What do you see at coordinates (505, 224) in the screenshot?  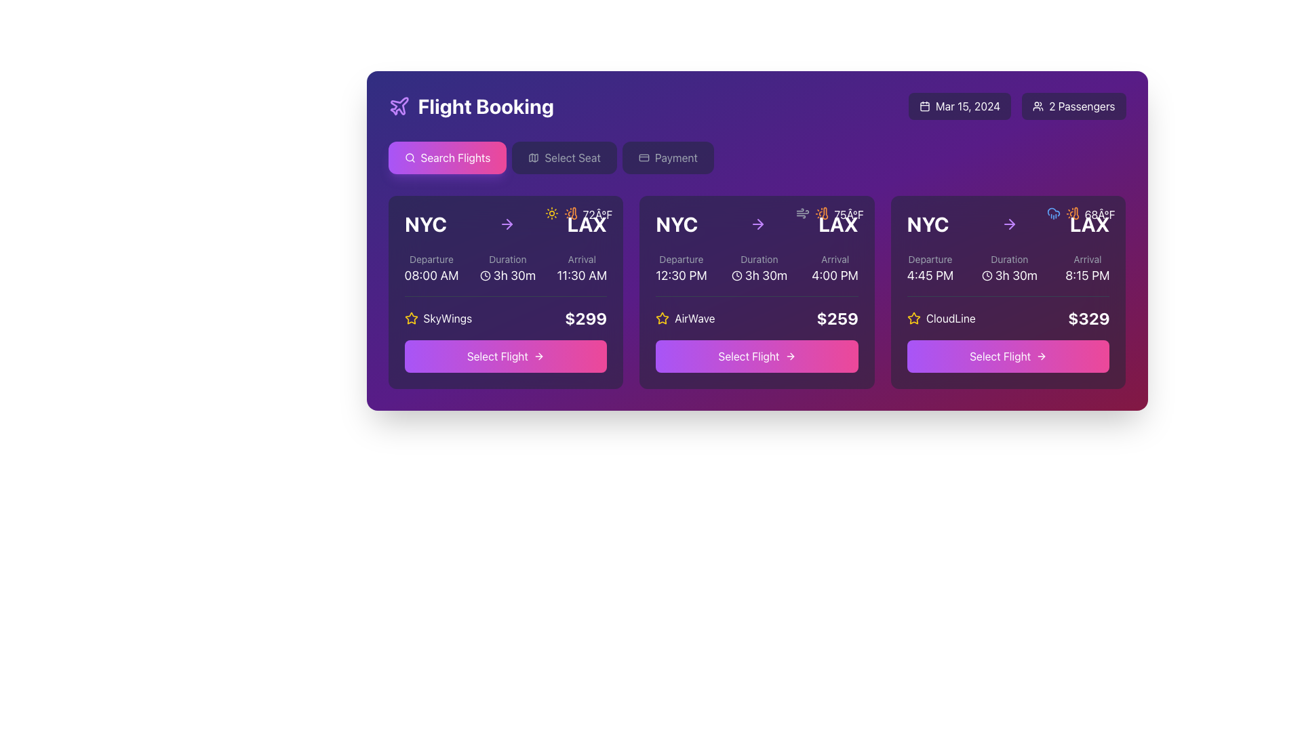 I see `the display label that shows the flight route from 'NYC' to 'LAX', located at the top of the first card in the list view of flight options` at bounding box center [505, 224].